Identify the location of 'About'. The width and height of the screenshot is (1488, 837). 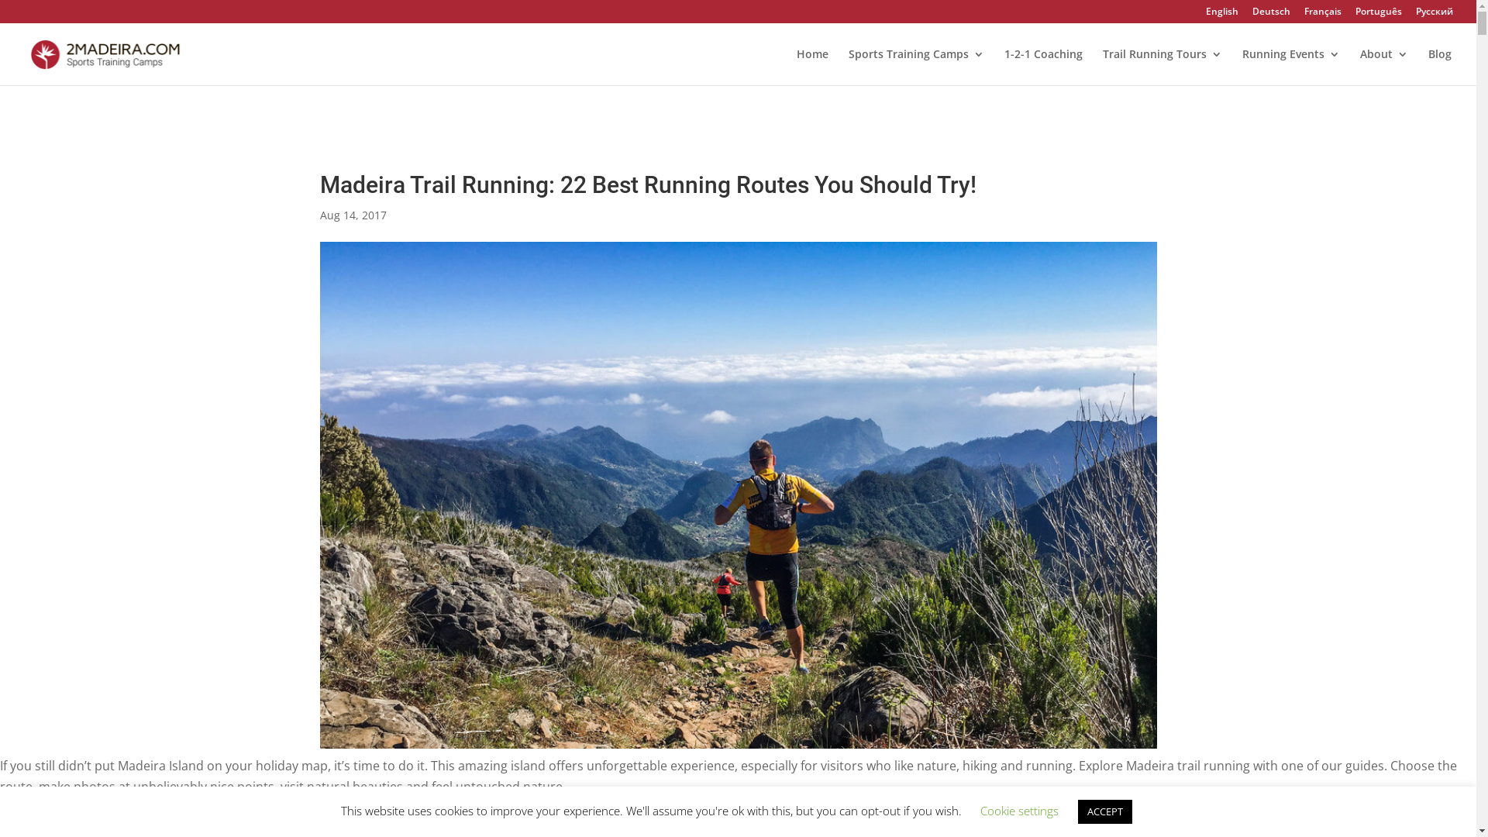
(1383, 66).